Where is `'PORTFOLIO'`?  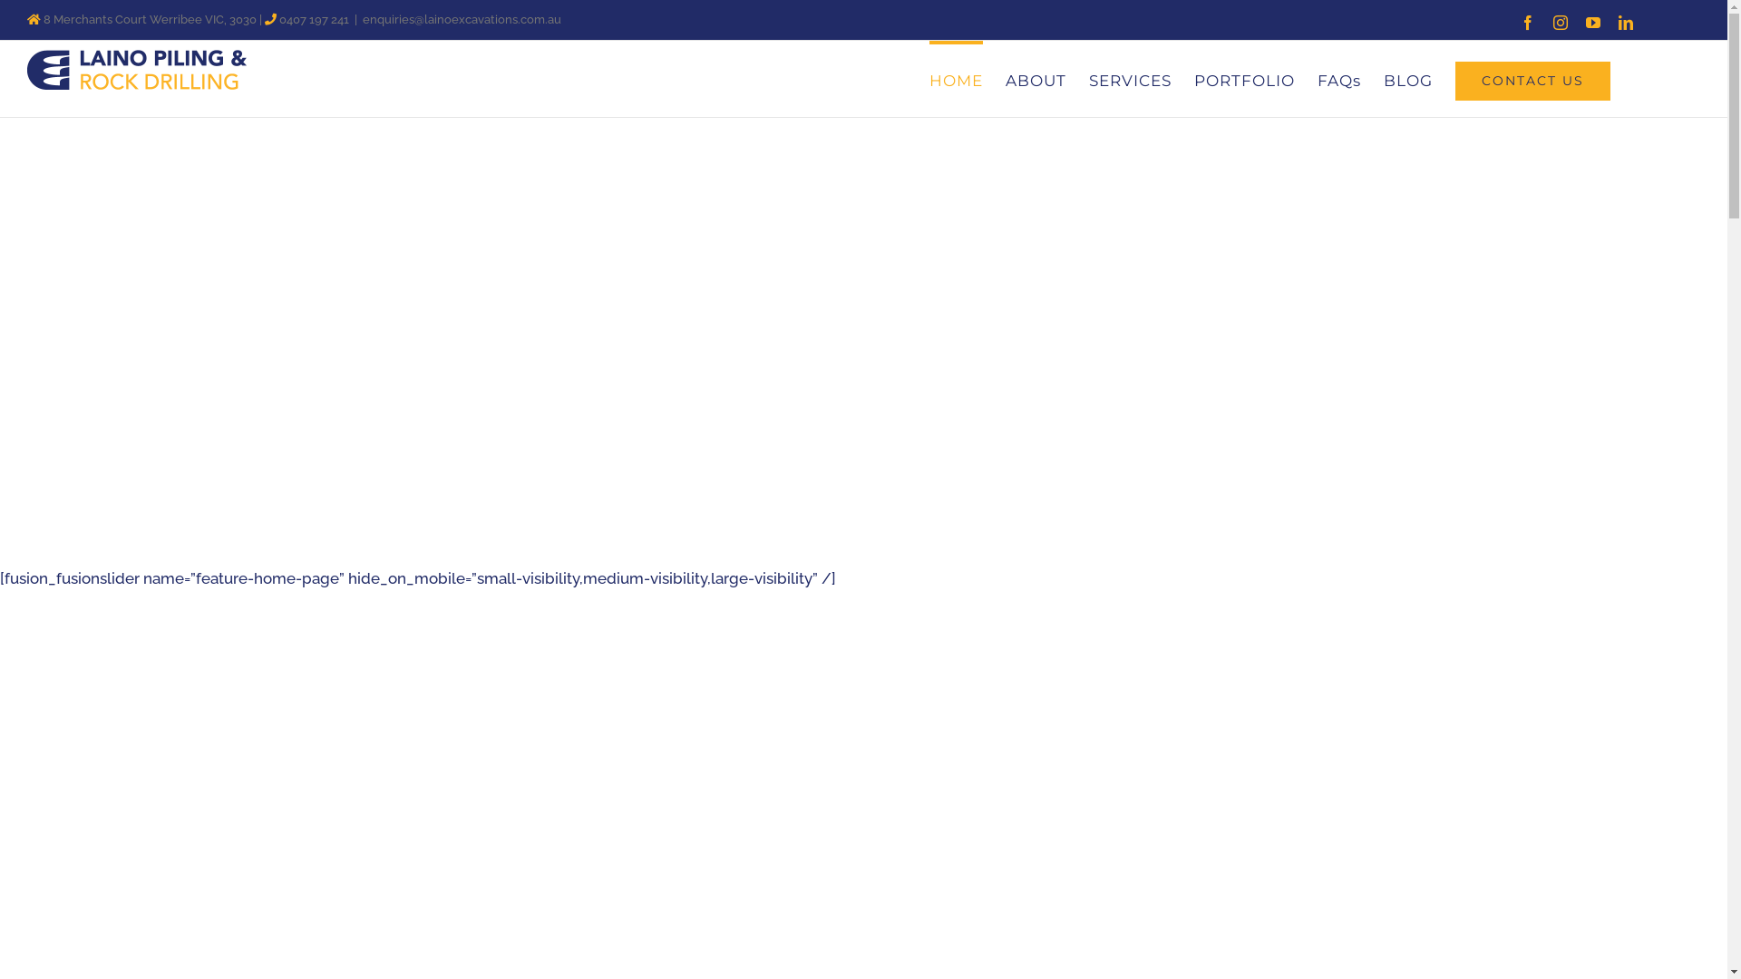
'PORTFOLIO' is located at coordinates (1193, 78).